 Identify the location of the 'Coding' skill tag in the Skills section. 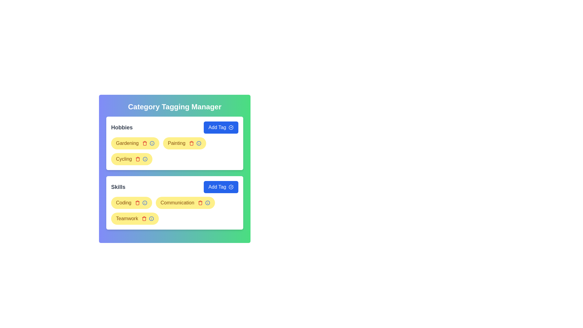
(131, 203).